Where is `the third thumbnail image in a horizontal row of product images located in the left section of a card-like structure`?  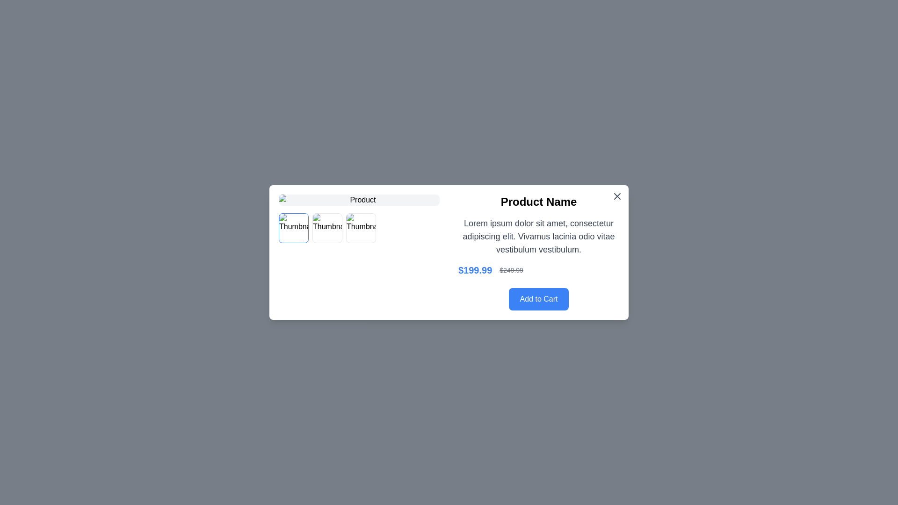
the third thumbnail image in a horizontal row of product images located in the left section of a card-like structure is located at coordinates (361, 228).